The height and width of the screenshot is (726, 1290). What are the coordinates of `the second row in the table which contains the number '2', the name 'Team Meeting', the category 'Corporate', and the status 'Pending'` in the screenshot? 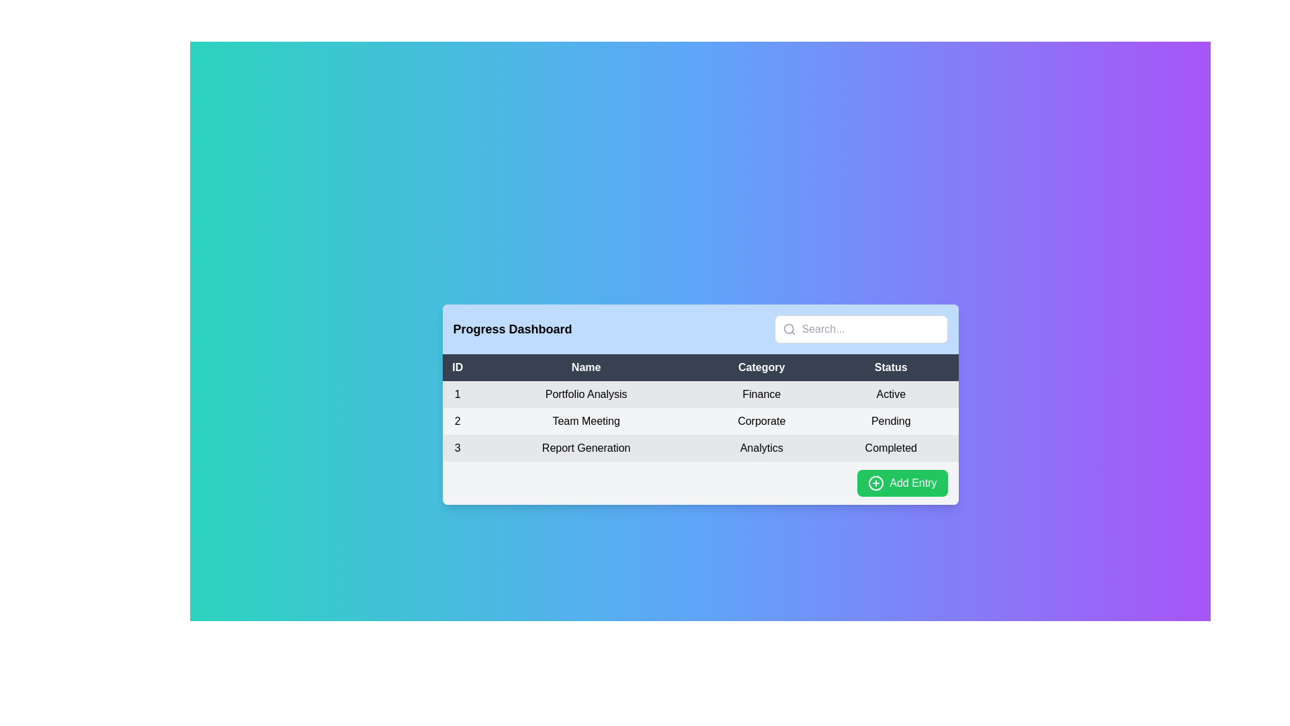 It's located at (699, 421).